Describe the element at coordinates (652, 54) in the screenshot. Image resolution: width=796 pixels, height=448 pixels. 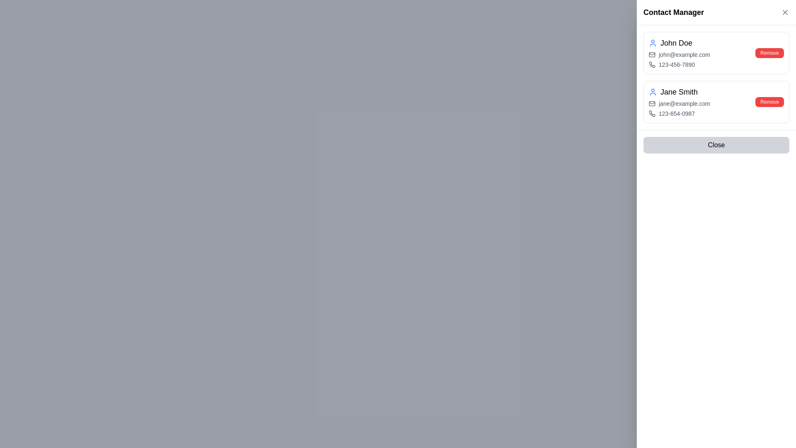
I see `the email icon resembling a folded envelope located in the contact details section, directly to the left of 'John Doe's email address` at that location.